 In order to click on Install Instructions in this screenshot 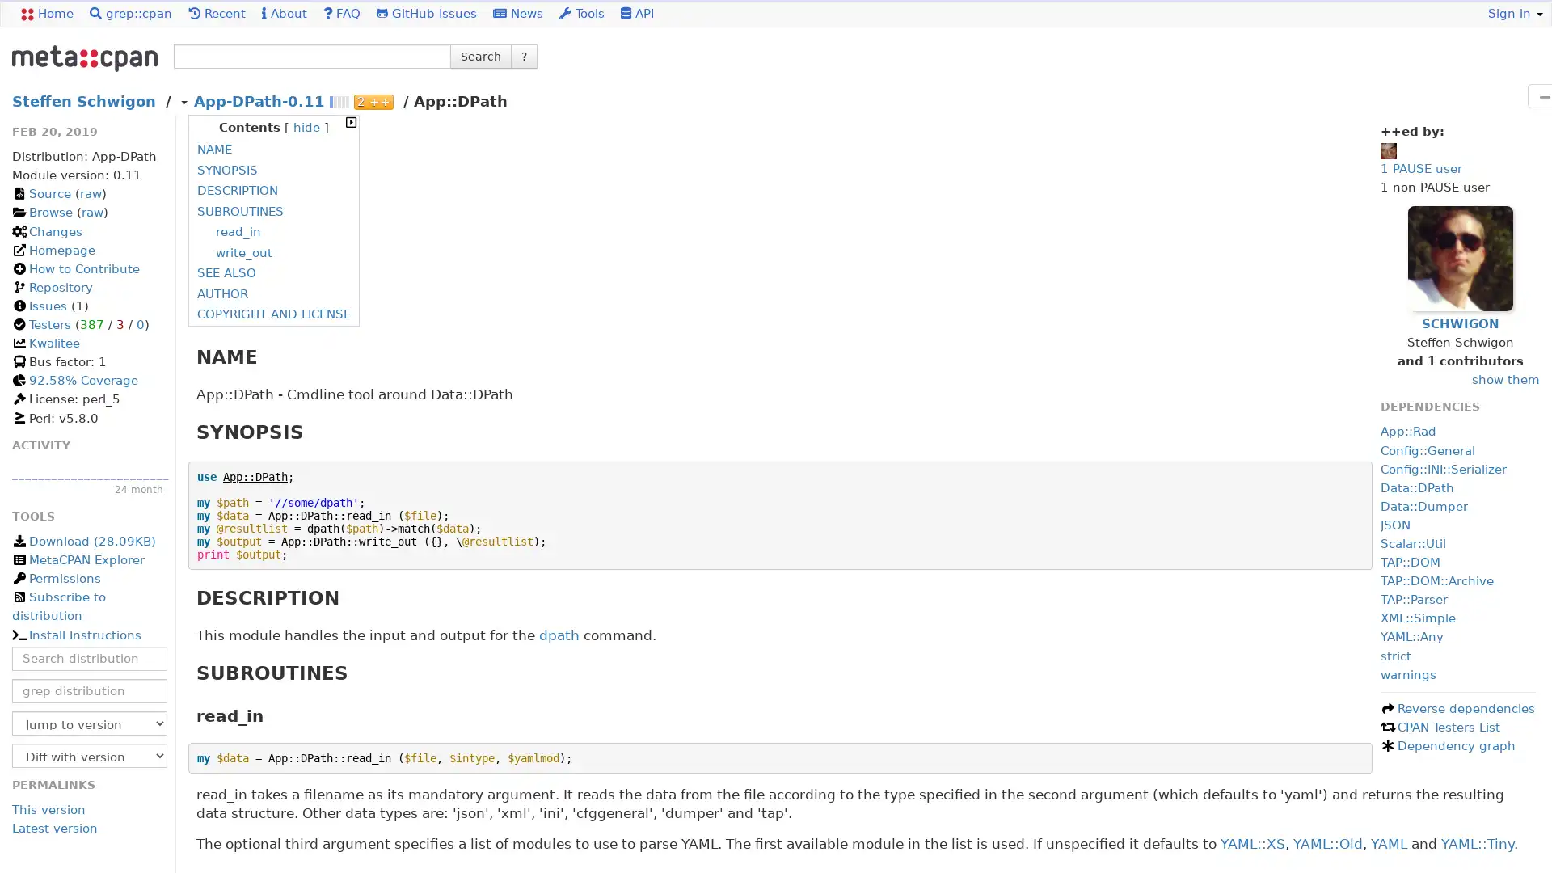, I will do `click(75, 635)`.